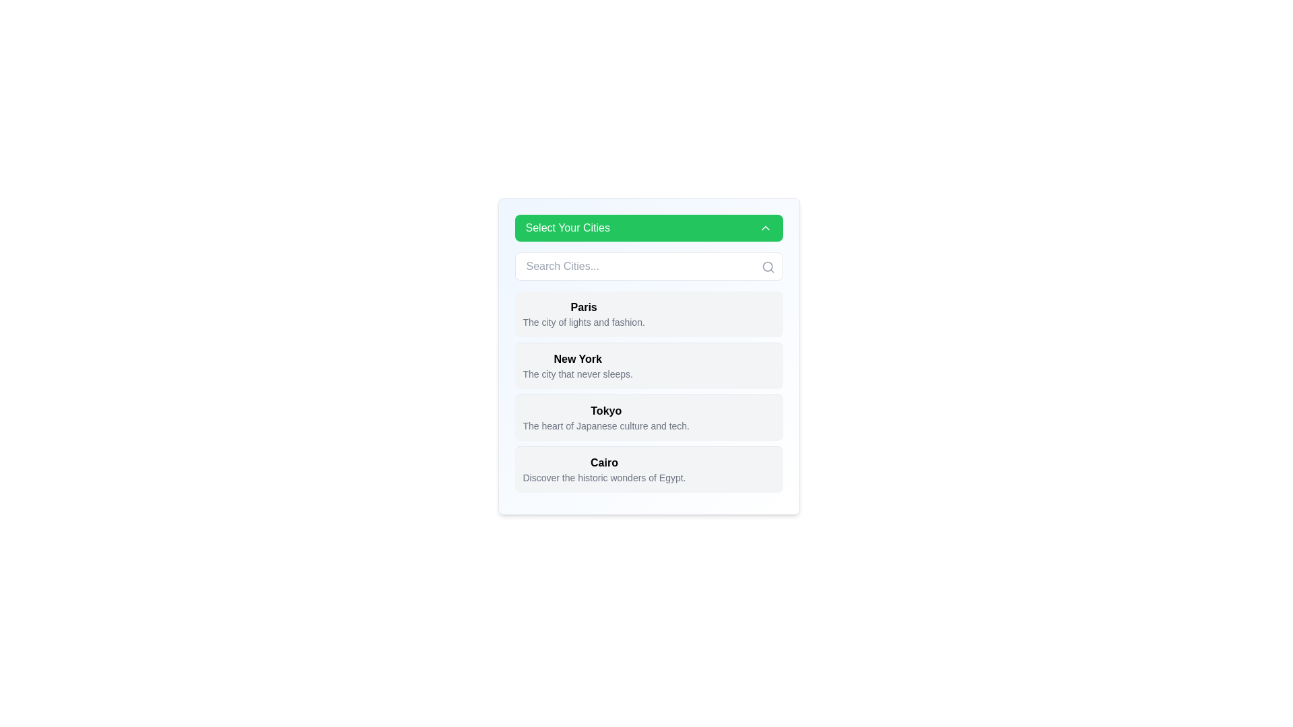 This screenshot has width=1293, height=727. What do you see at coordinates (649, 372) in the screenshot?
I see `the second entry in the city list titled 'New York'` at bounding box center [649, 372].